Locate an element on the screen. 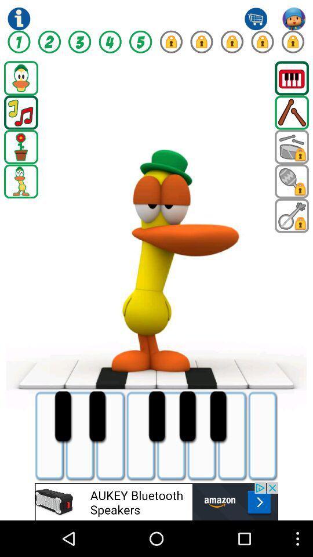  informations is located at coordinates (18, 18).